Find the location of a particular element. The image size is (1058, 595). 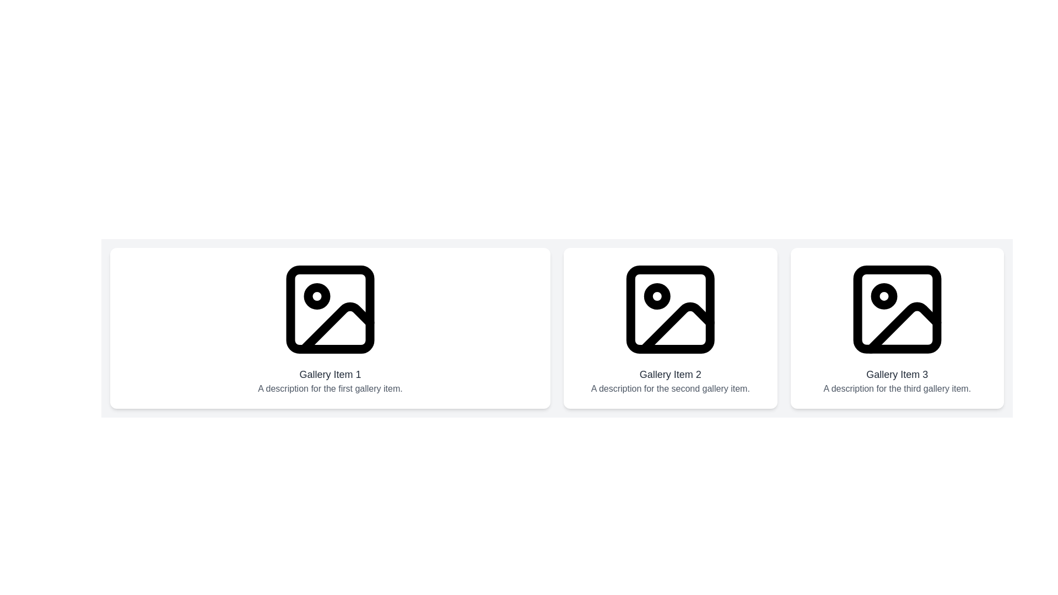

text block that provides a title and description for the first gallery item, located below the image on the leftmost side of the gallery is located at coordinates (330, 380).